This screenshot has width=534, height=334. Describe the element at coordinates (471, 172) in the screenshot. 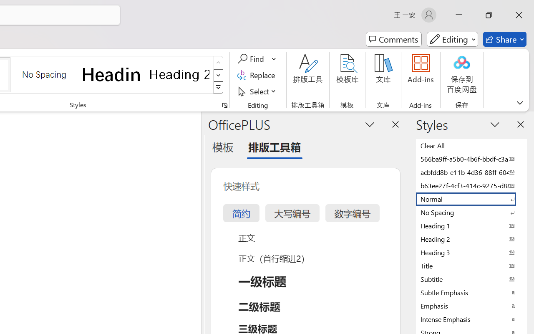

I see `'acbfdd8b-e11b-4d36-88ff-6049b138f862'` at that location.